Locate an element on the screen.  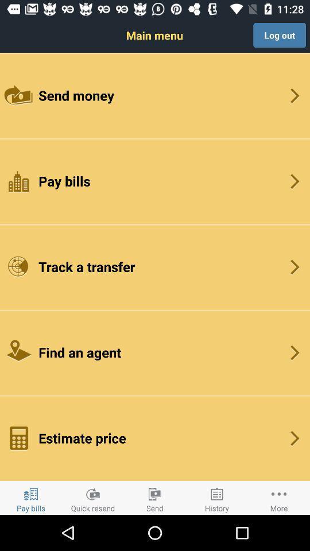
the app next to the main menu app is located at coordinates (279, 35).